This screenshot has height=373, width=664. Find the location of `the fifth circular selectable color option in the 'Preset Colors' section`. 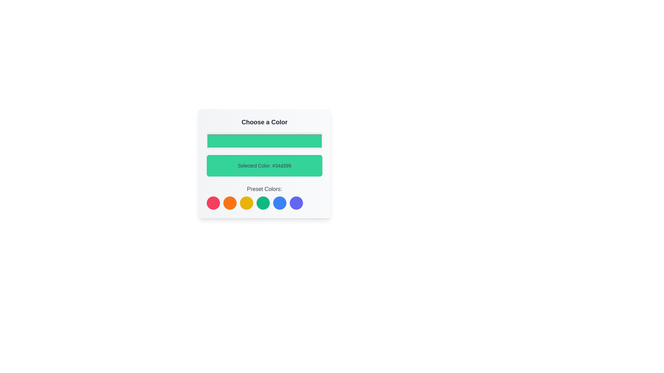

the fifth circular selectable color option in the 'Preset Colors' section is located at coordinates (280, 202).